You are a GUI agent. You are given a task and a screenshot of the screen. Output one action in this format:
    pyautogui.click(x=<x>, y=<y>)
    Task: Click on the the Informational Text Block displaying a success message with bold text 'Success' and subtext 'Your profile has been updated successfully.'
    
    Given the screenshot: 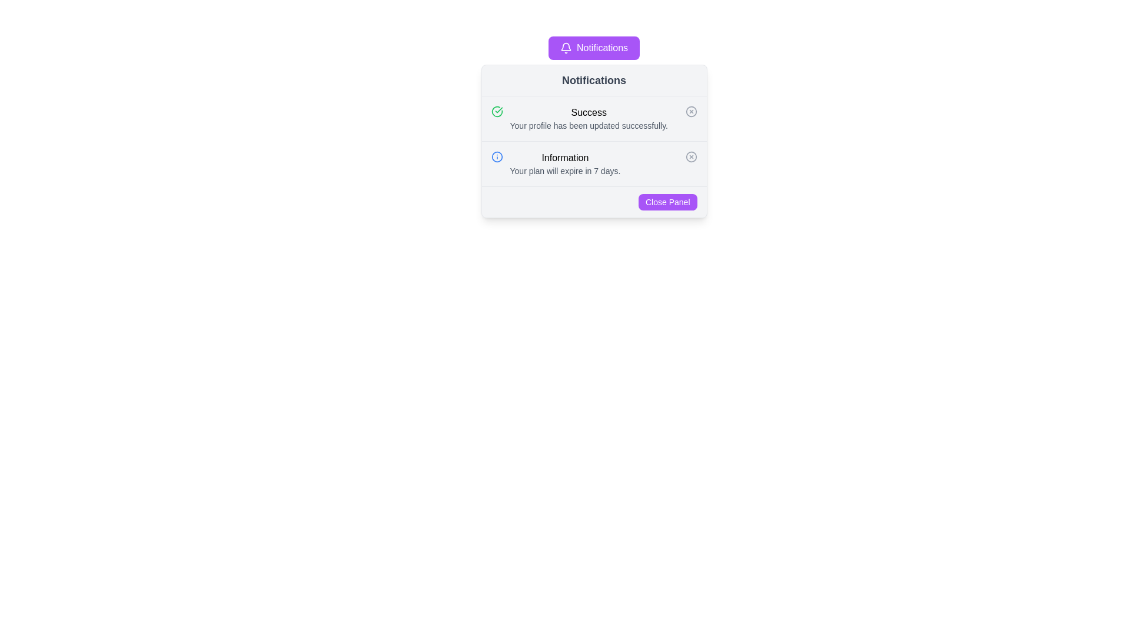 What is the action you would take?
    pyautogui.click(x=589, y=118)
    